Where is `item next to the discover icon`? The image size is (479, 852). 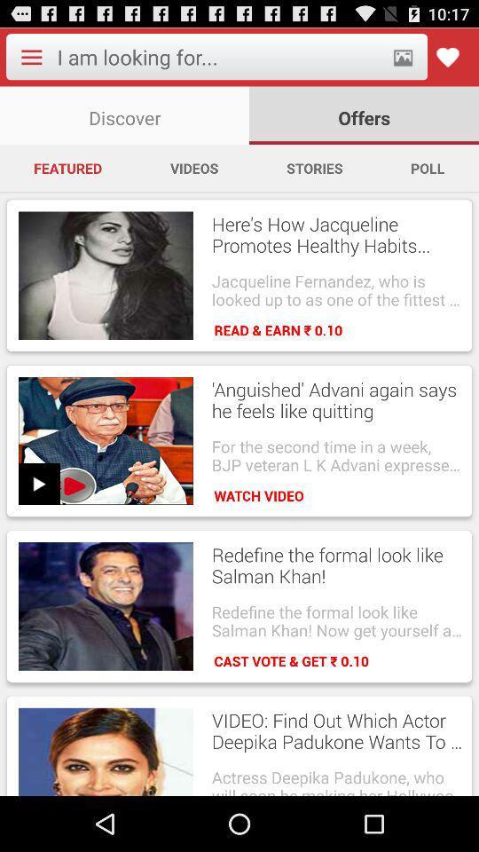
item next to the discover icon is located at coordinates (363, 114).